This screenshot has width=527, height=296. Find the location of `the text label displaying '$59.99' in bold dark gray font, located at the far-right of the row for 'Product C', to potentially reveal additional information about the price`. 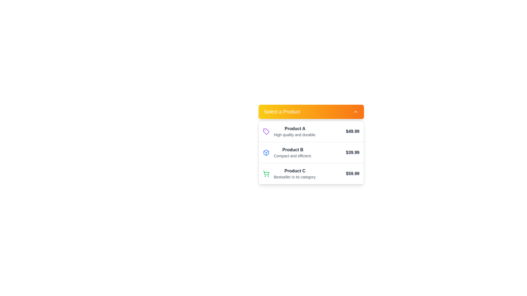

the text label displaying '$59.99' in bold dark gray font, located at the far-right of the row for 'Product C', to potentially reveal additional information about the price is located at coordinates (353, 173).